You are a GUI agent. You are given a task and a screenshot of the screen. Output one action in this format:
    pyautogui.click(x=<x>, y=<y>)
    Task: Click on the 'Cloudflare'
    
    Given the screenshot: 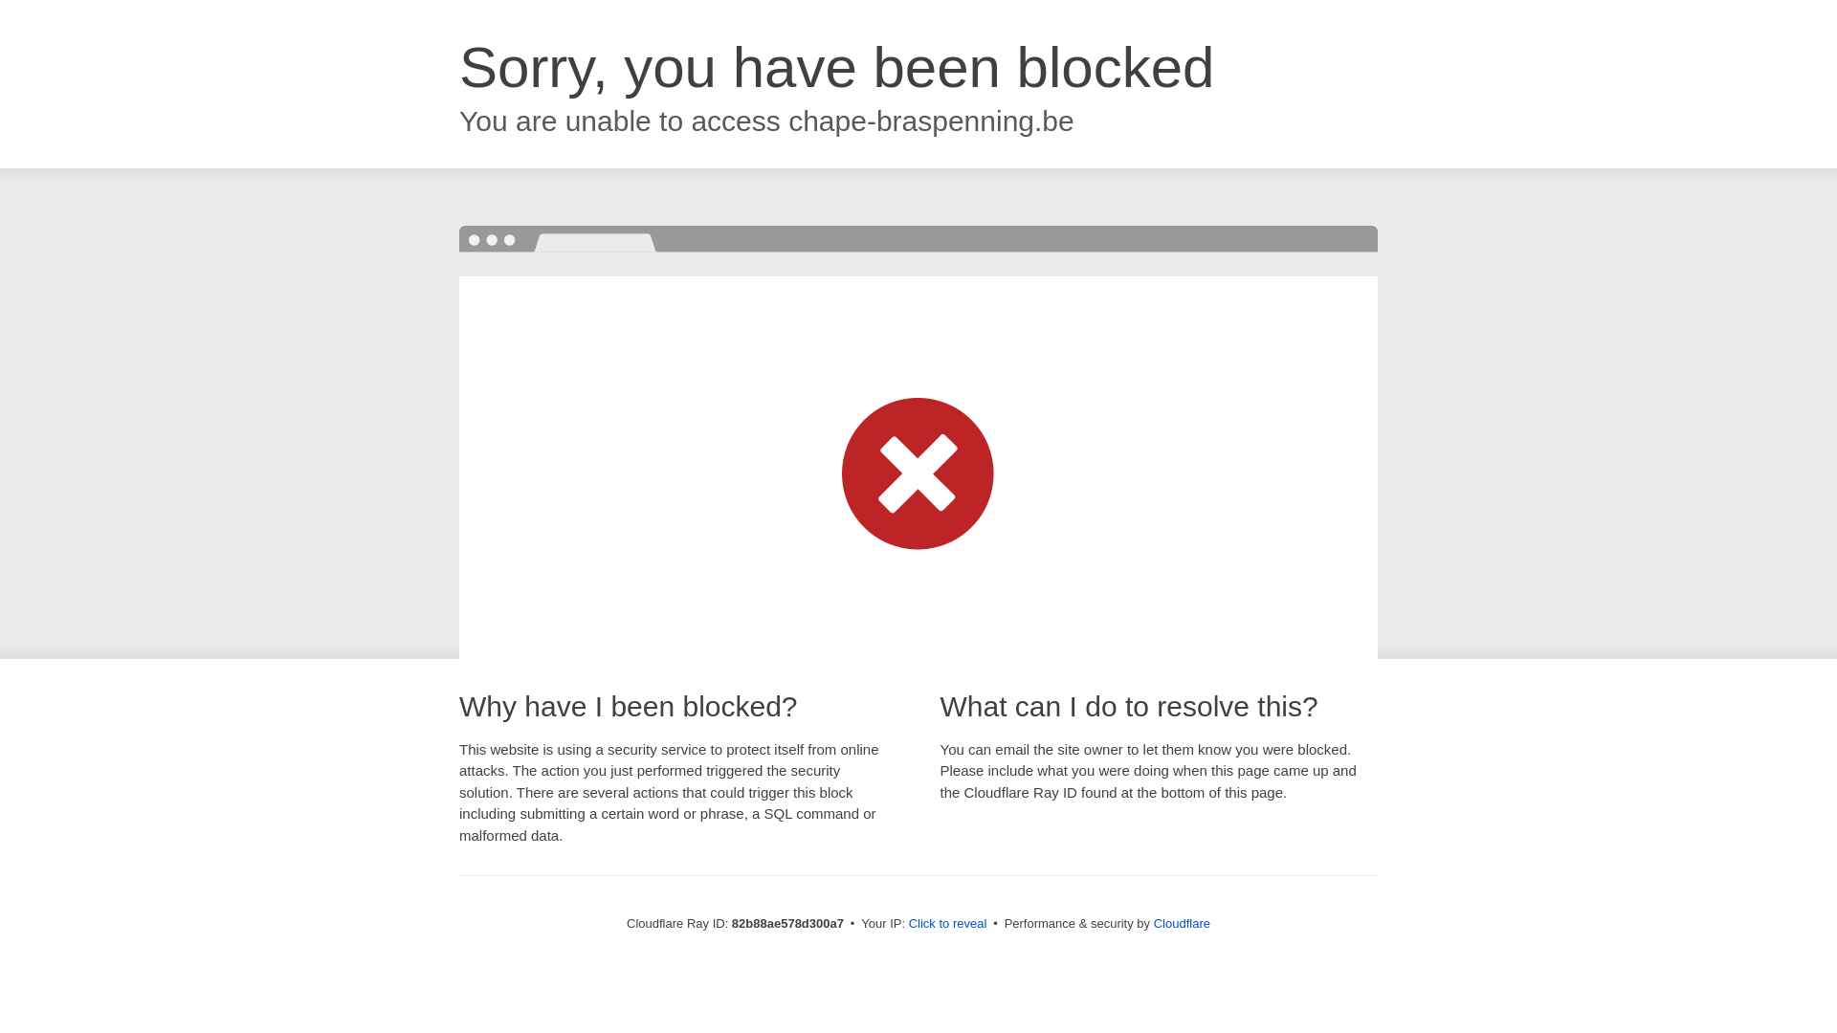 What is the action you would take?
    pyautogui.click(x=1181, y=922)
    